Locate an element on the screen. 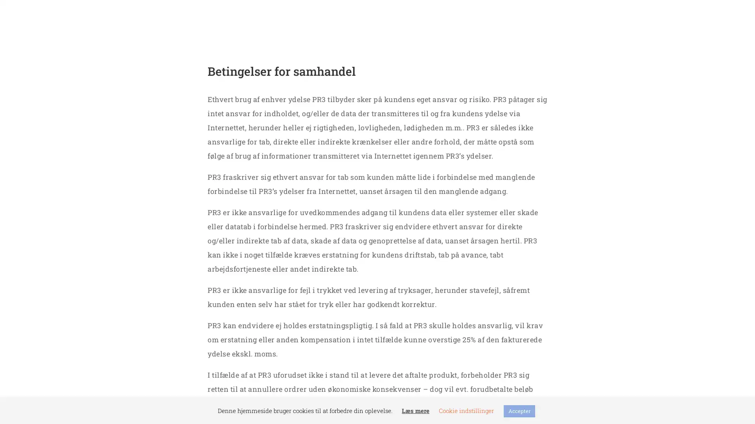  Cookie indstillinger is located at coordinates (466, 410).